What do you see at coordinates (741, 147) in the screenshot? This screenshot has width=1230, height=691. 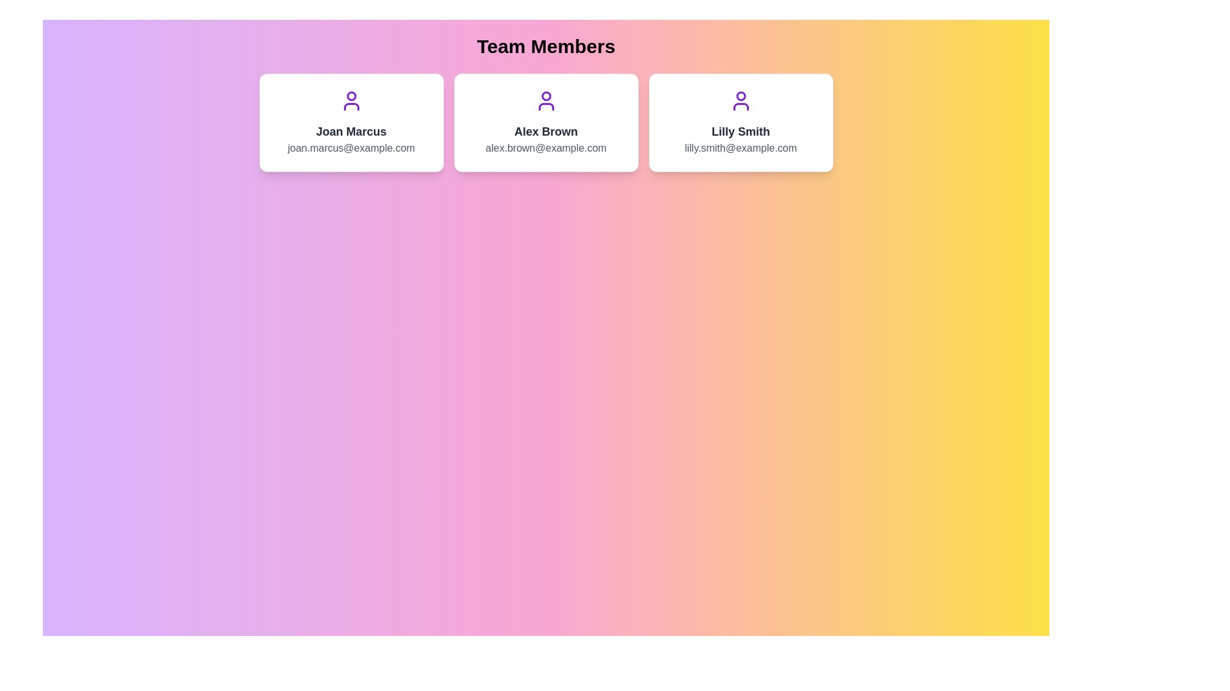 I see `email address displayed for the team member Lilly Smith, located in the user card to the right, centered below the name` at bounding box center [741, 147].